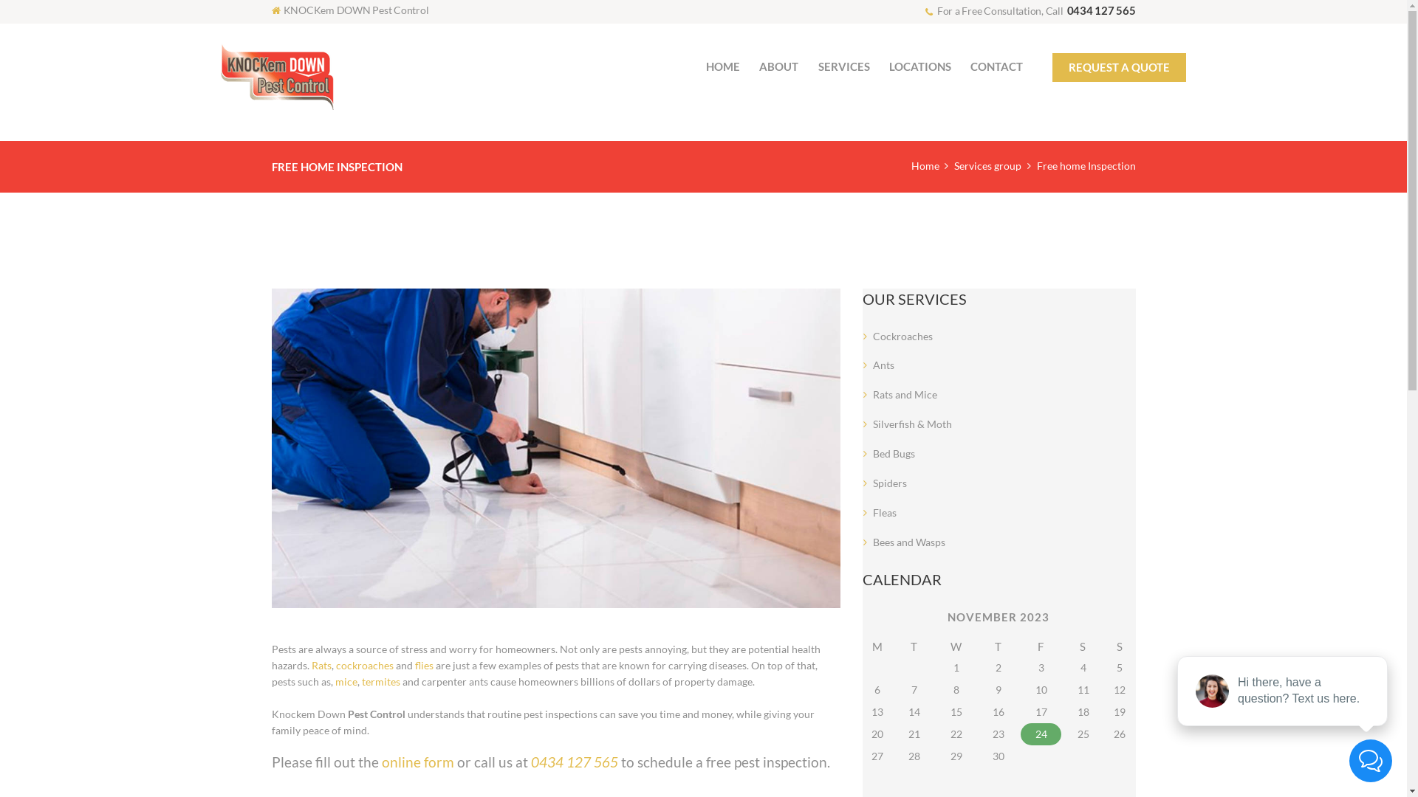 The width and height of the screenshot is (1418, 797). What do you see at coordinates (380, 681) in the screenshot?
I see `'termites'` at bounding box center [380, 681].